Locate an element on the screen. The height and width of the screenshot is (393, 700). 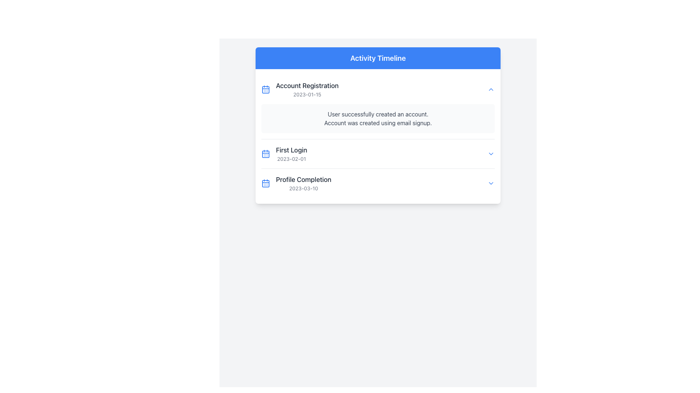
the static text label displaying 'Profile Completion' that is part of a vertical timeline, positioned below the 'First Login' entry and above the date '2023-03-10' is located at coordinates (303, 179).